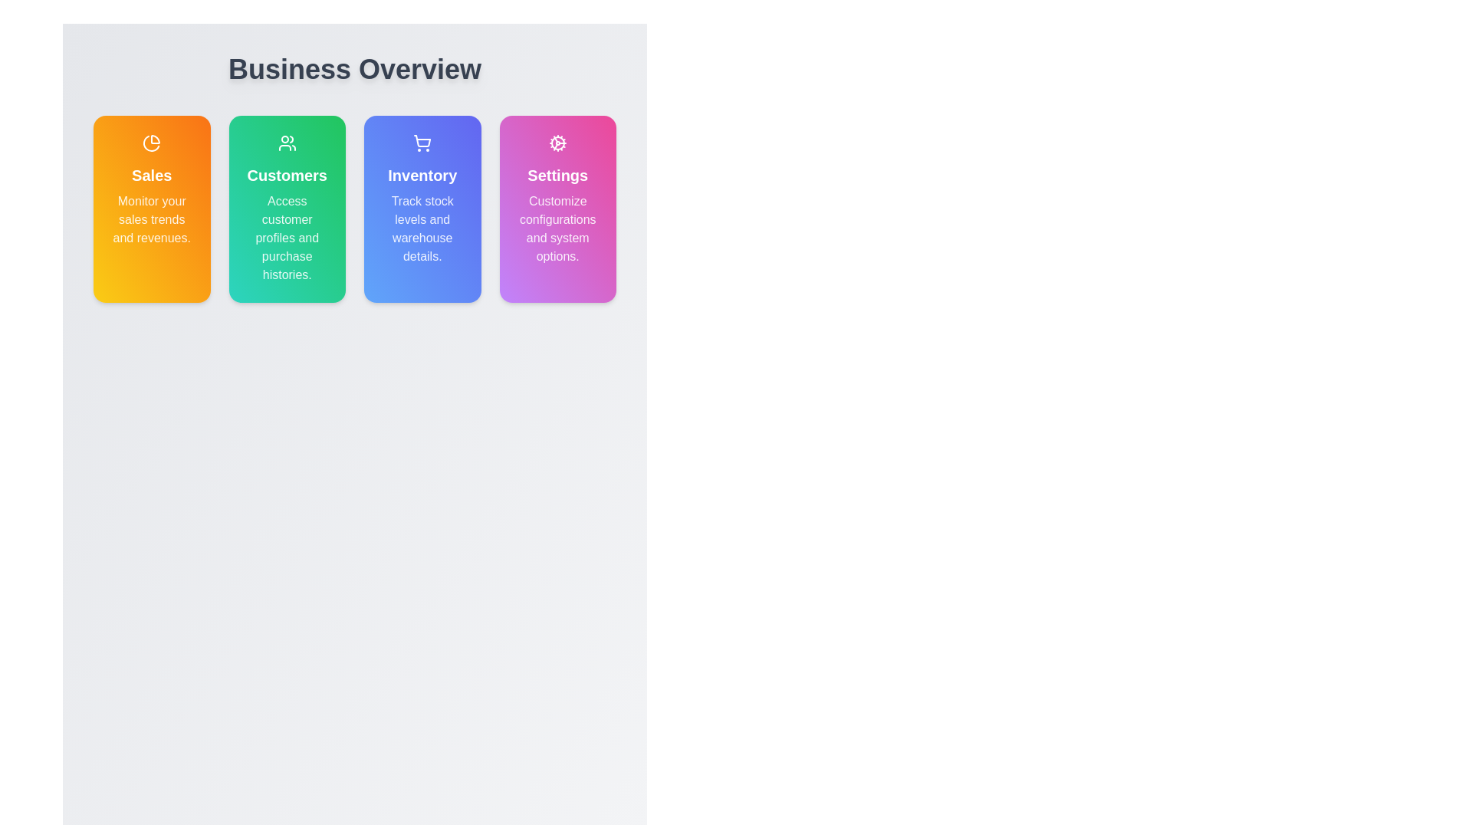  What do you see at coordinates (557, 143) in the screenshot?
I see `the cogwheel icon styled in white against a pink background, located at the top center of the pink card labeled 'Settings'` at bounding box center [557, 143].